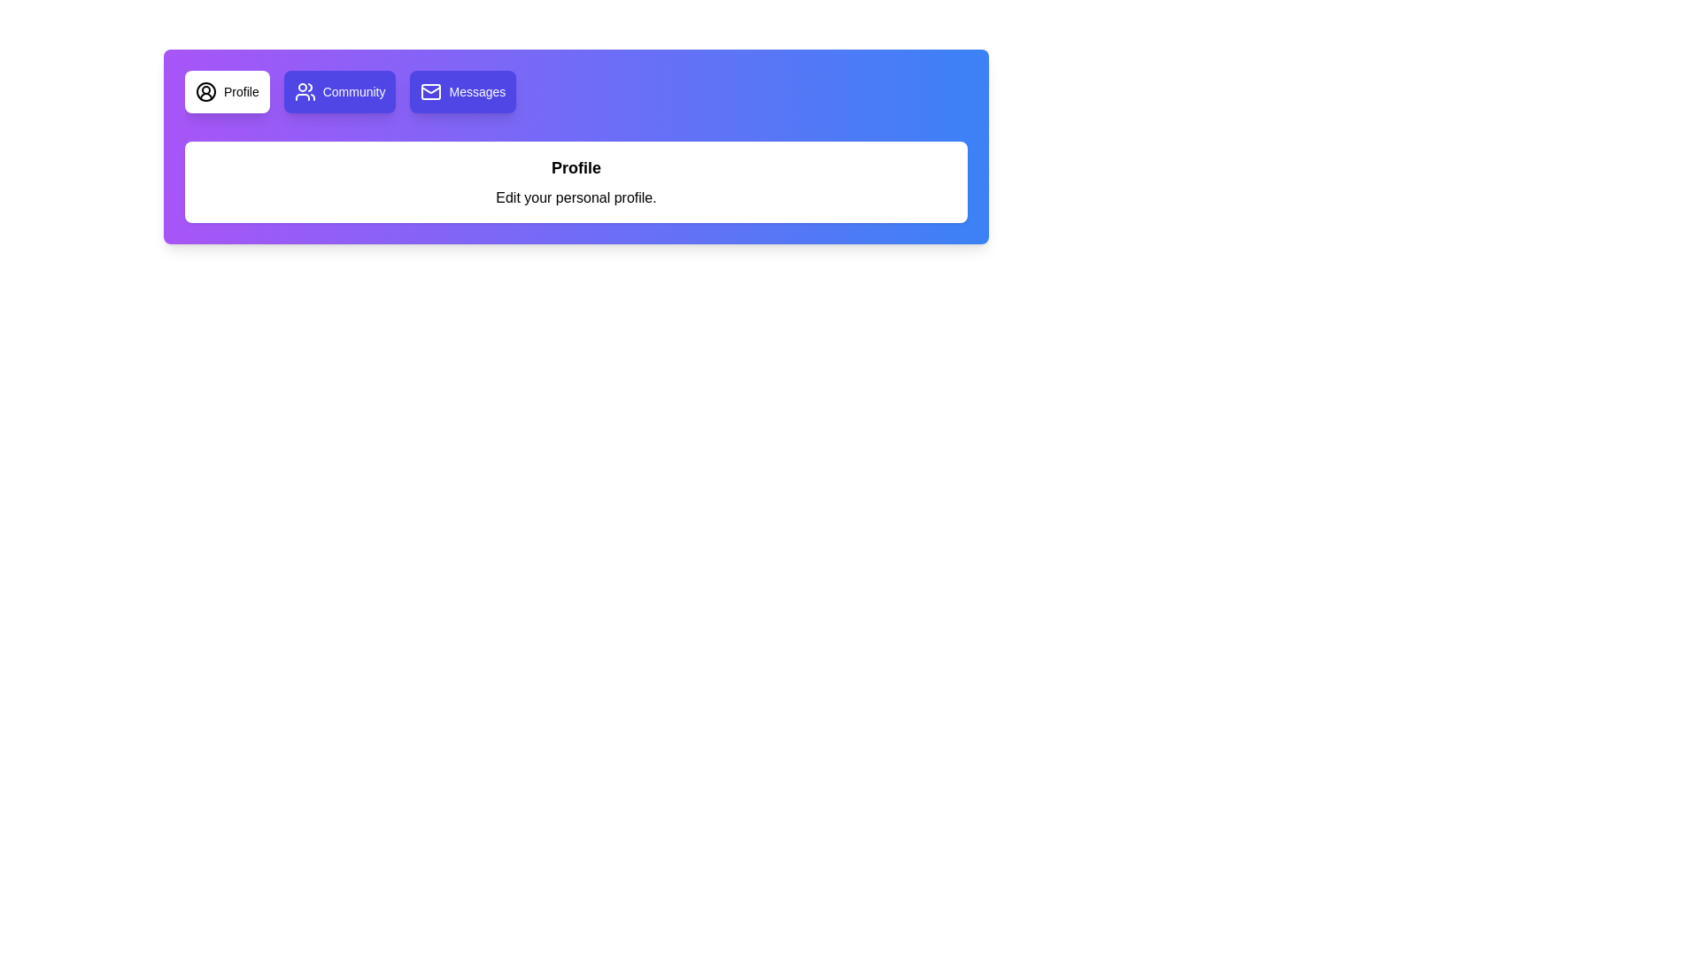 Image resolution: width=1700 pixels, height=956 pixels. What do you see at coordinates (340, 92) in the screenshot?
I see `the Community tab to preview its visual effects` at bounding box center [340, 92].